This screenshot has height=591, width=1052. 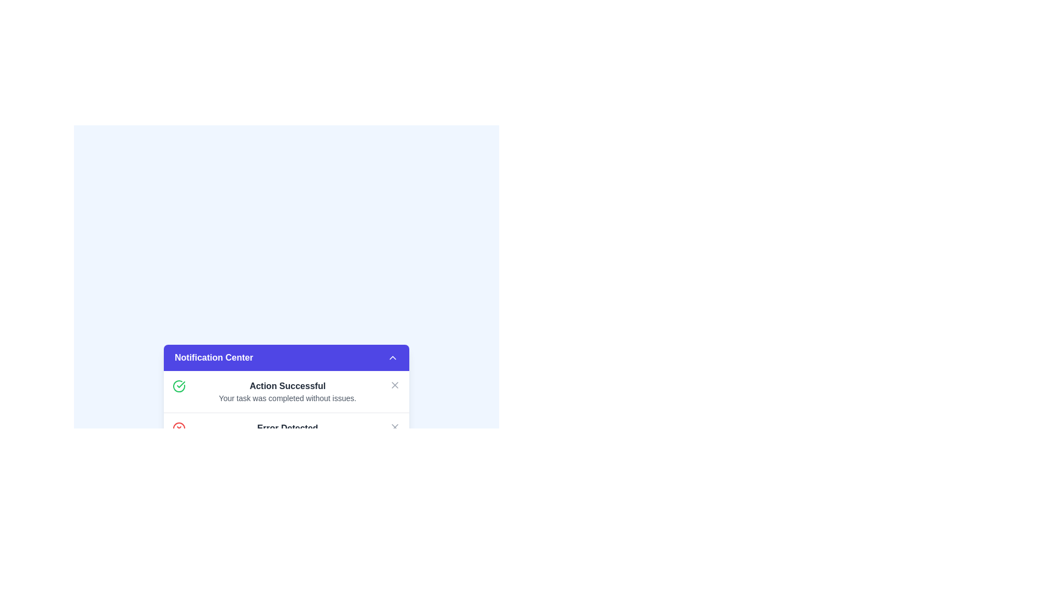 I want to click on the close button icon located at the far right of the 'Action Successful' notification in the Notification Center to change its color, so click(x=395, y=385).